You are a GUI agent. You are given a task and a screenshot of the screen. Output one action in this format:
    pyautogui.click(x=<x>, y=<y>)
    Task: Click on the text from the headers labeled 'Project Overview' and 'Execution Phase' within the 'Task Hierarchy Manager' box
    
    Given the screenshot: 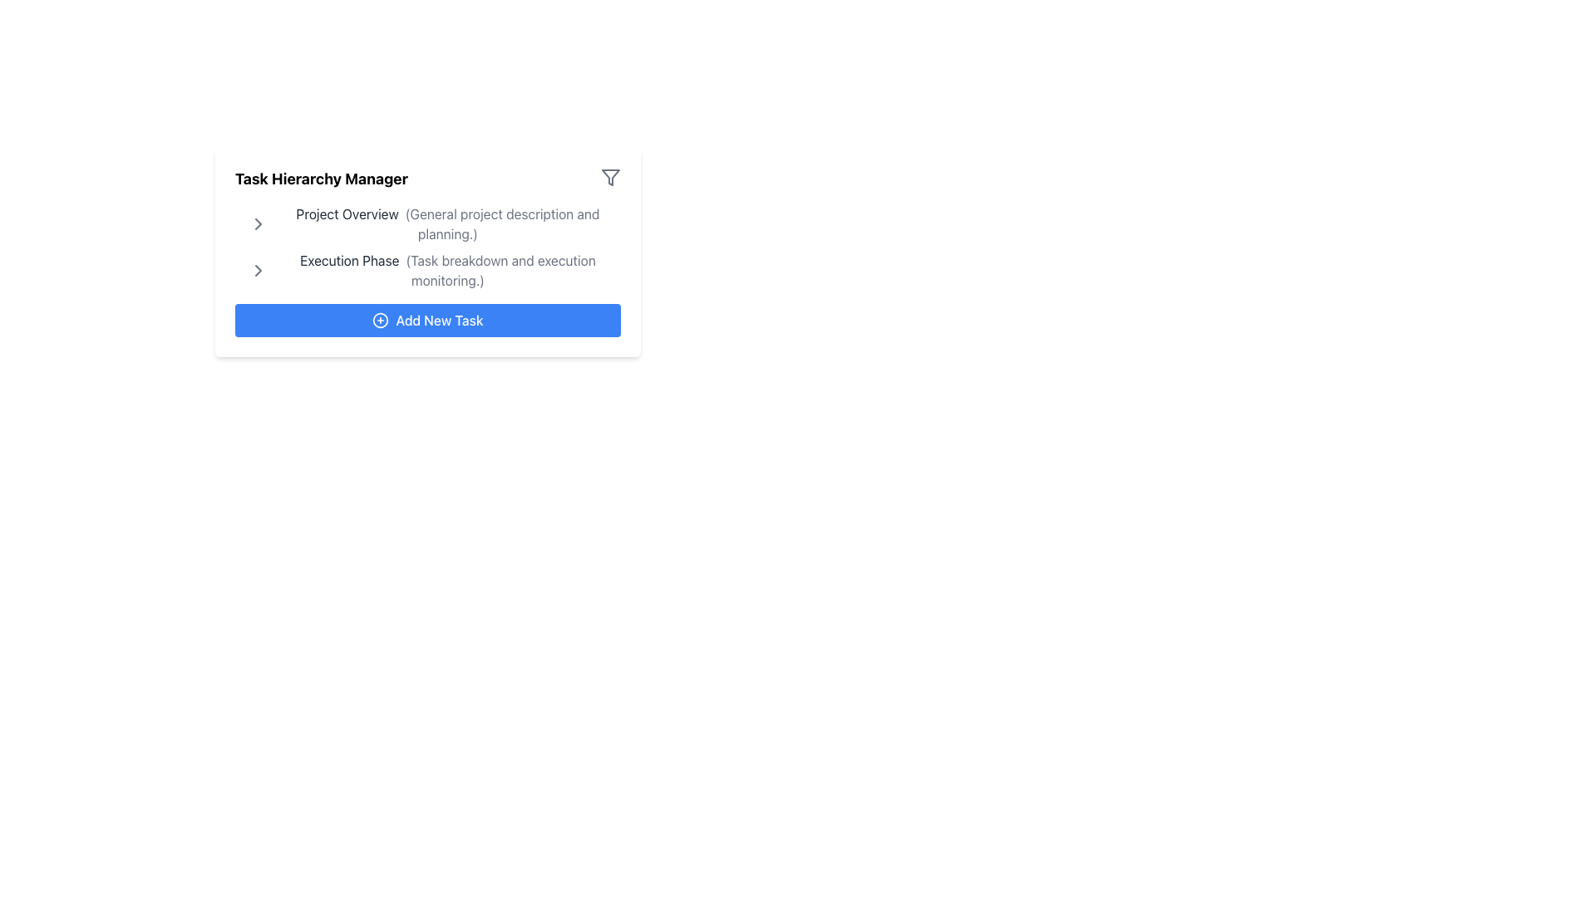 What is the action you would take?
    pyautogui.click(x=435, y=247)
    